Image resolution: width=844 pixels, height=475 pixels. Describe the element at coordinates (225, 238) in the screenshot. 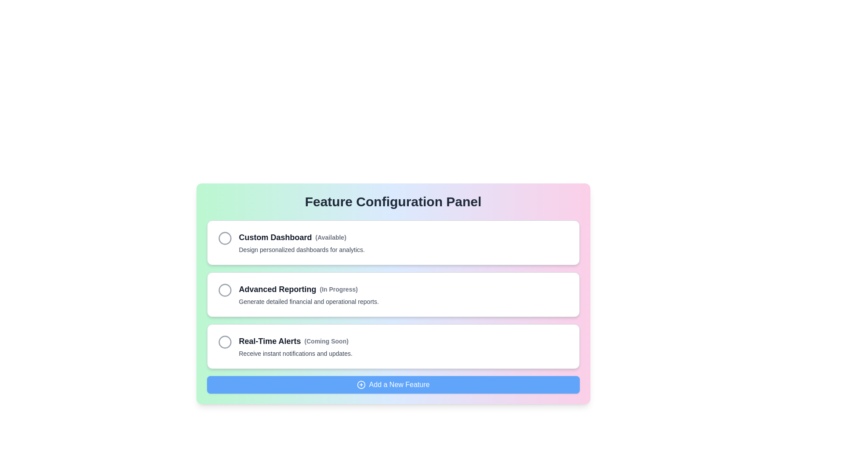

I see `the selectable icon associated with 'Custom Dashboard (Available)'` at that location.